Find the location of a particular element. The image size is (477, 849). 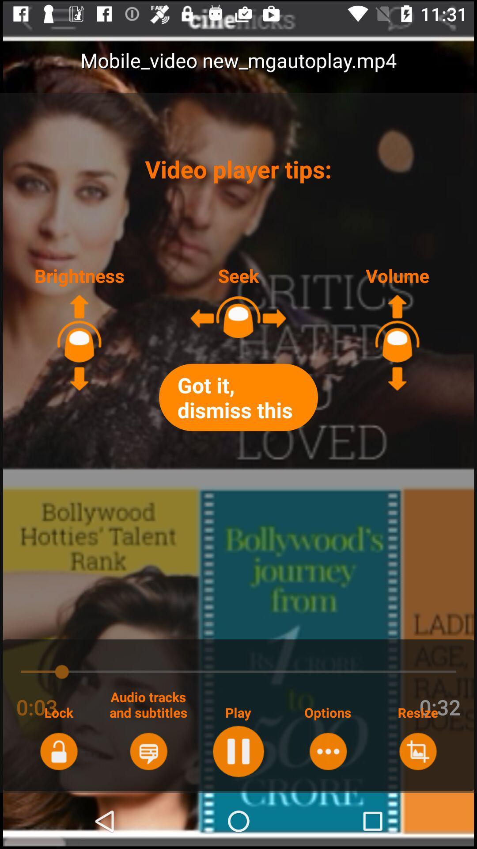

pause option is located at coordinates (238, 751).